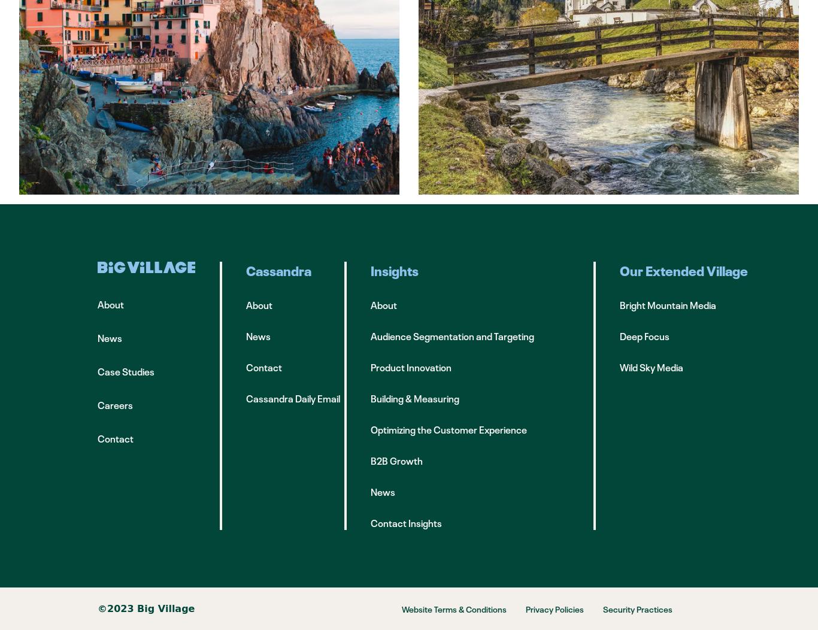 Image resolution: width=818 pixels, height=630 pixels. What do you see at coordinates (651, 367) in the screenshot?
I see `'Wild Sky Media'` at bounding box center [651, 367].